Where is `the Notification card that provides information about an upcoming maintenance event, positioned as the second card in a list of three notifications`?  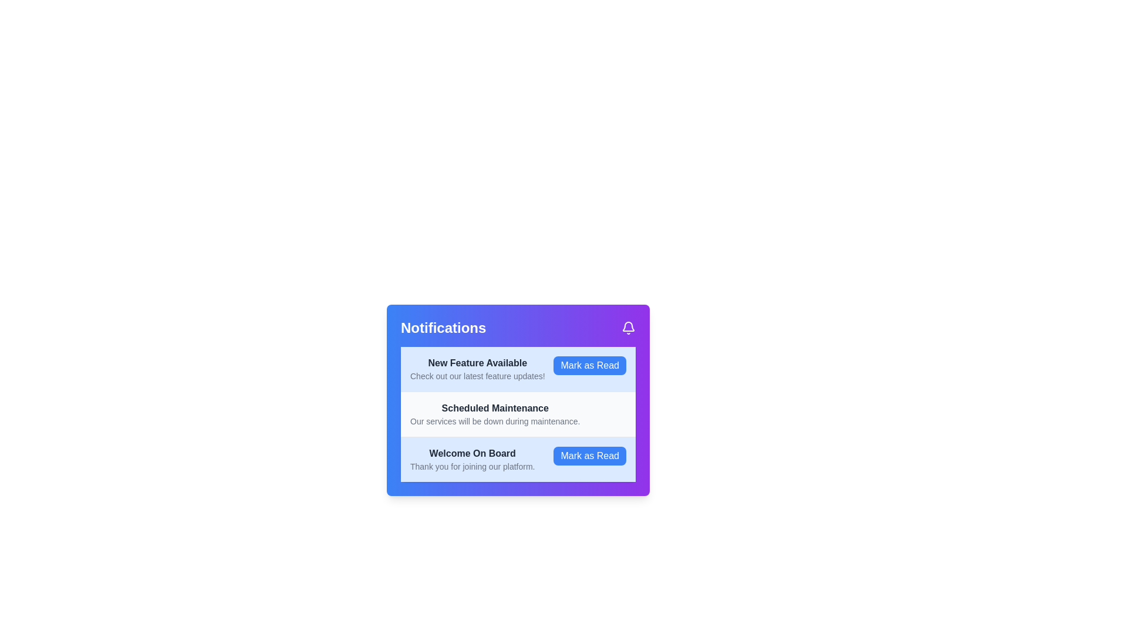
the Notification card that provides information about an upcoming maintenance event, positioned as the second card in a list of three notifications is located at coordinates (518, 413).